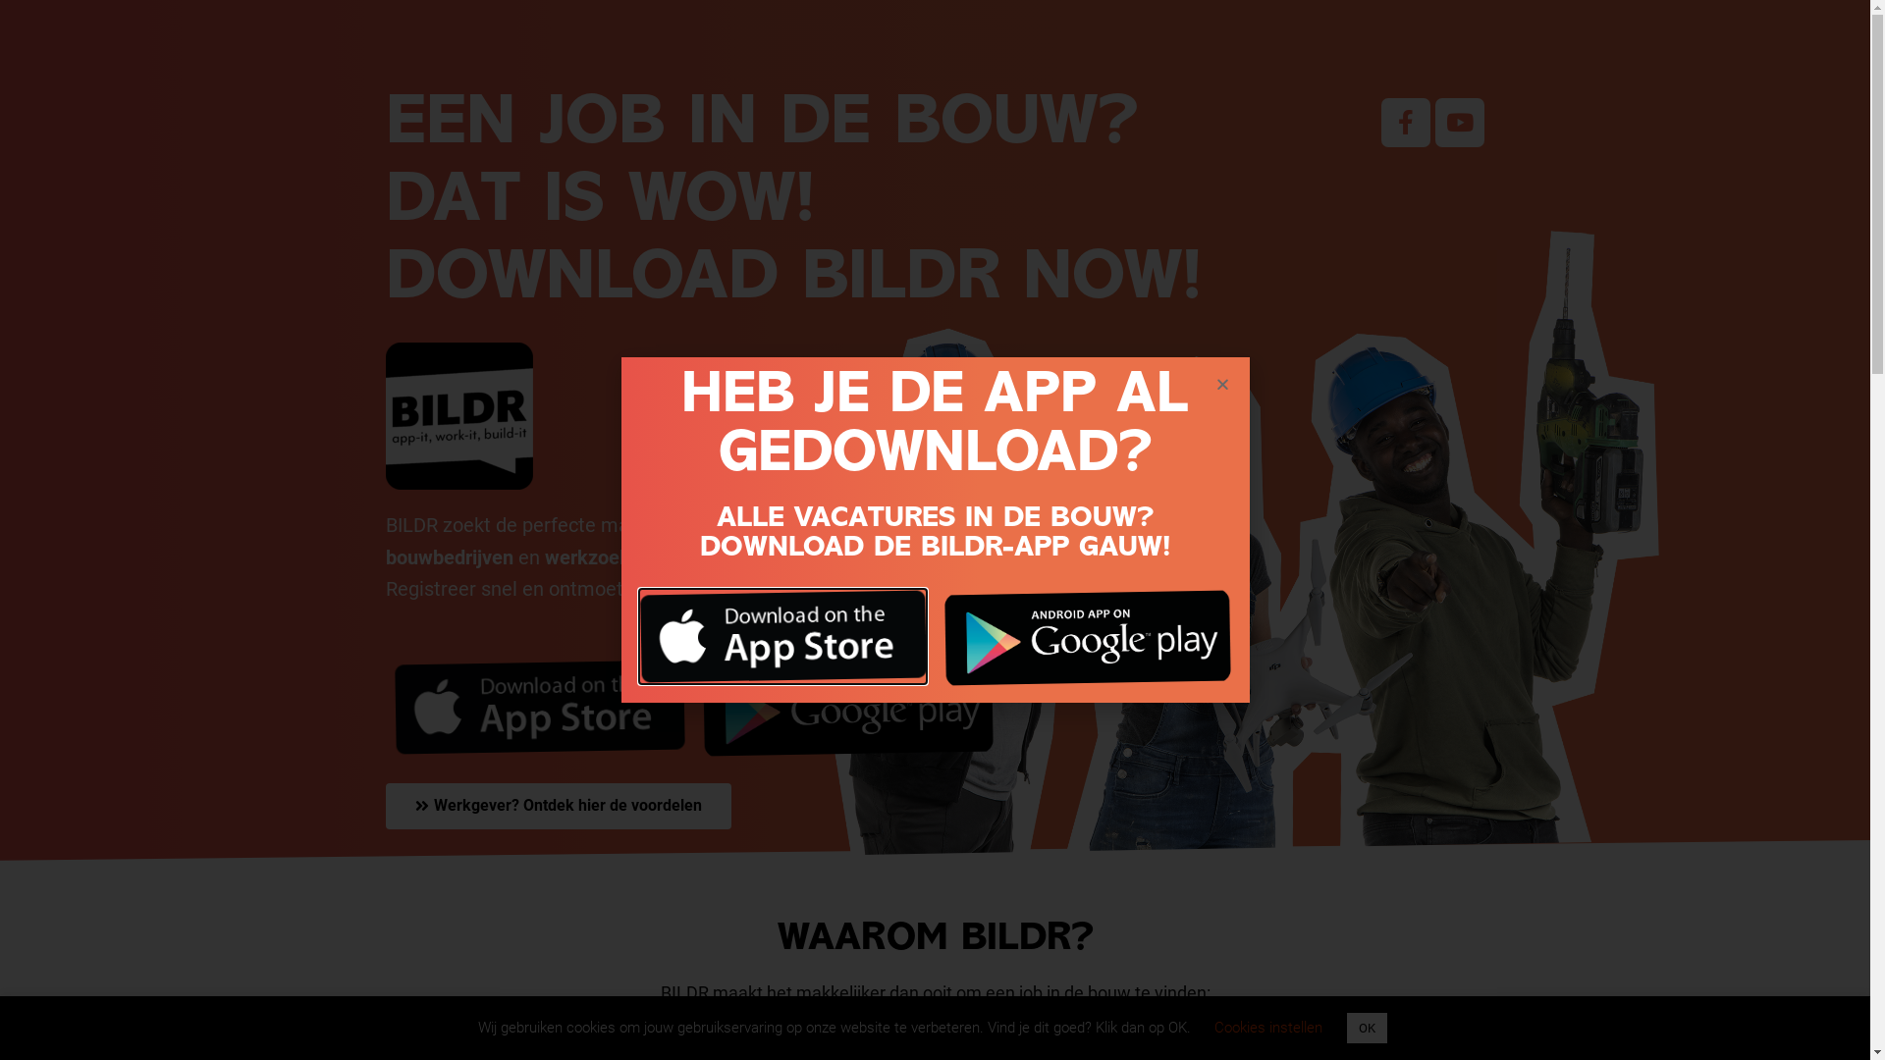  Describe the element at coordinates (1267, 1026) in the screenshot. I see `'Cookies instellen'` at that location.